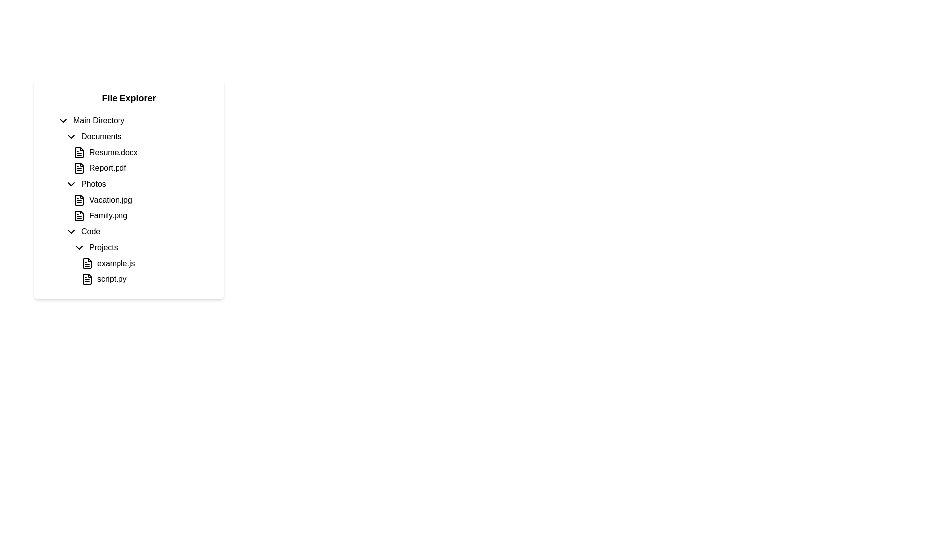 The height and width of the screenshot is (535, 952). I want to click on the 'script.py' file icon located in the 'File Explorer' under the 'Code' section in the 'Projects' folder, so click(87, 279).